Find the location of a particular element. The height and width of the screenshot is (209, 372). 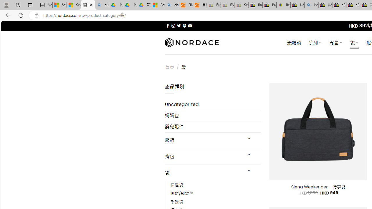

'Register: Create a personal eBay account' is located at coordinates (284, 5).